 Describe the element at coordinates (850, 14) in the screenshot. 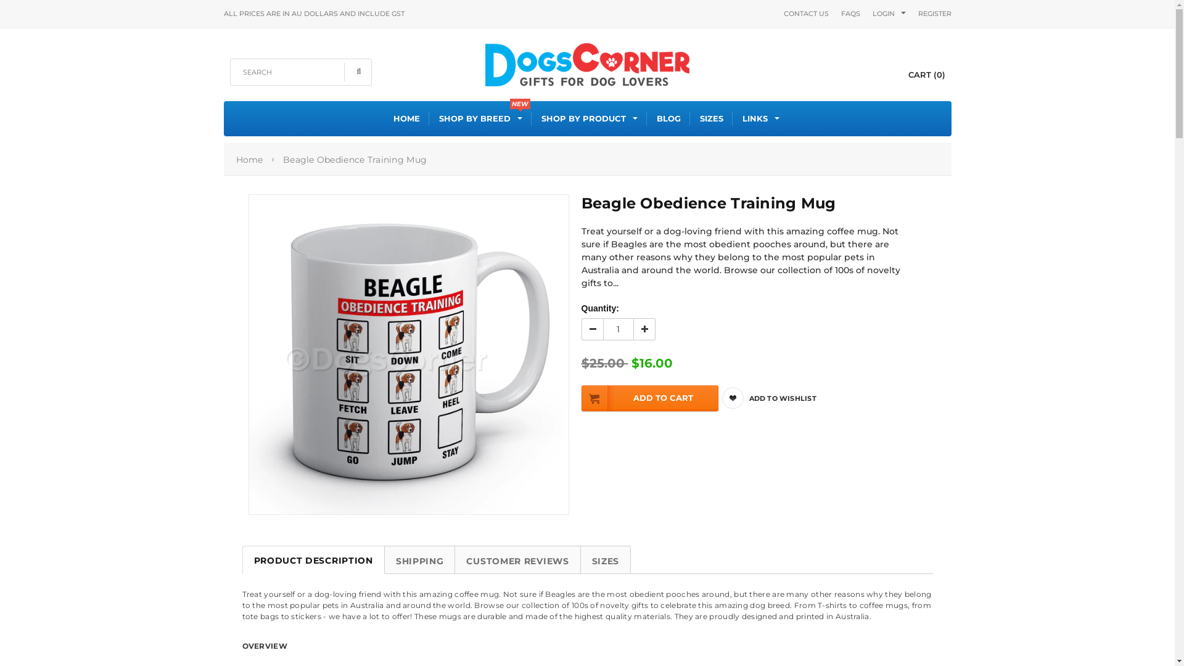

I see `'FAQS'` at that location.